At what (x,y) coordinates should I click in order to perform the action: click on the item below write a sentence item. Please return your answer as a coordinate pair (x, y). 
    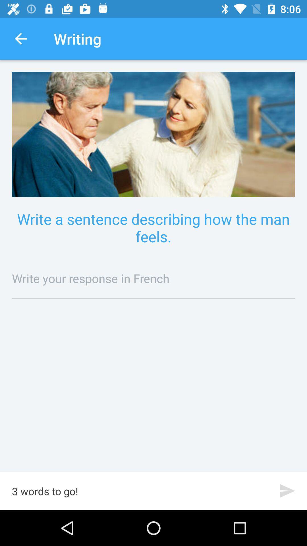
    Looking at the image, I should click on (153, 278).